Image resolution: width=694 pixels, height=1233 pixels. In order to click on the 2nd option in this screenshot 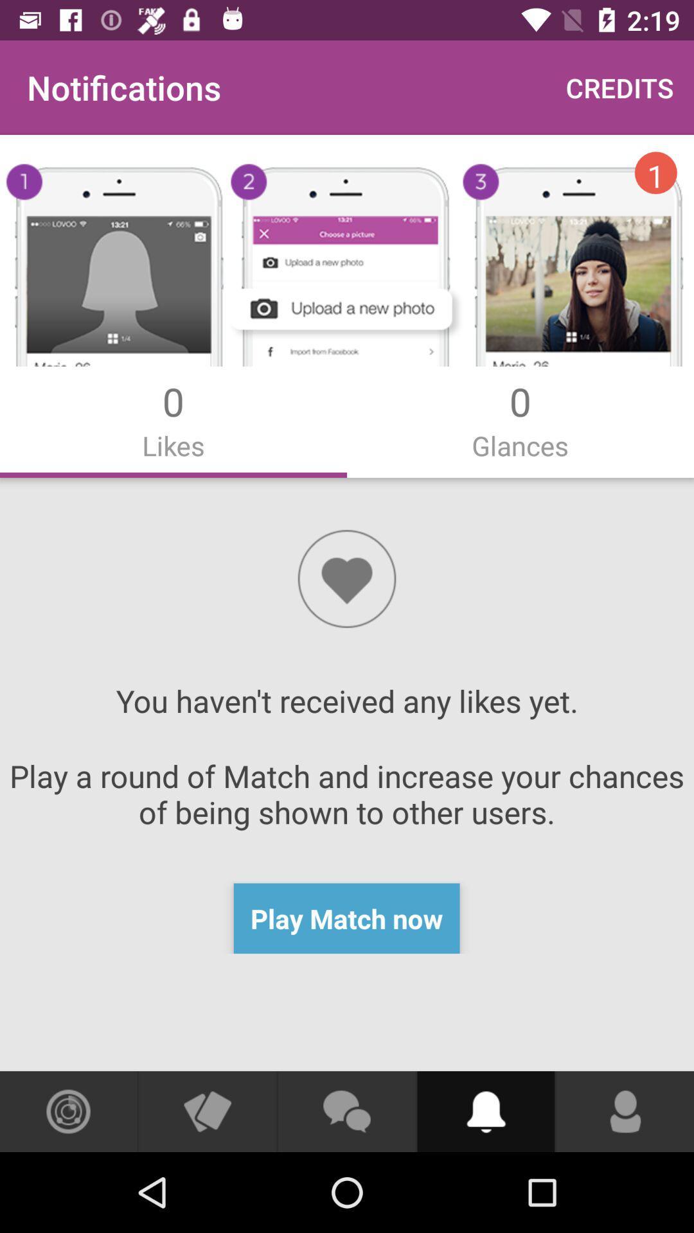, I will do `click(520, 419)`.